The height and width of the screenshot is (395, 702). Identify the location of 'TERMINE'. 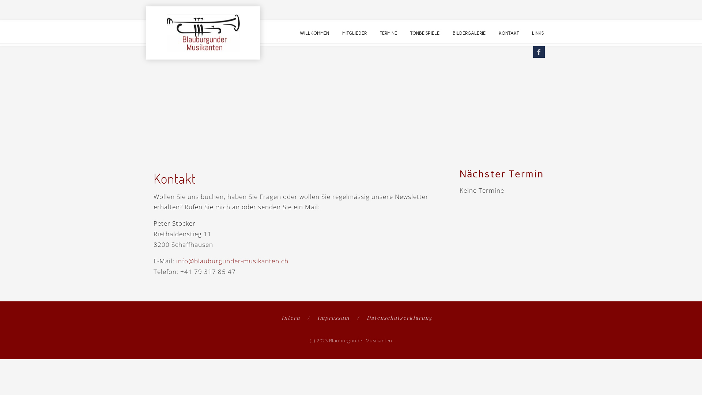
(388, 32).